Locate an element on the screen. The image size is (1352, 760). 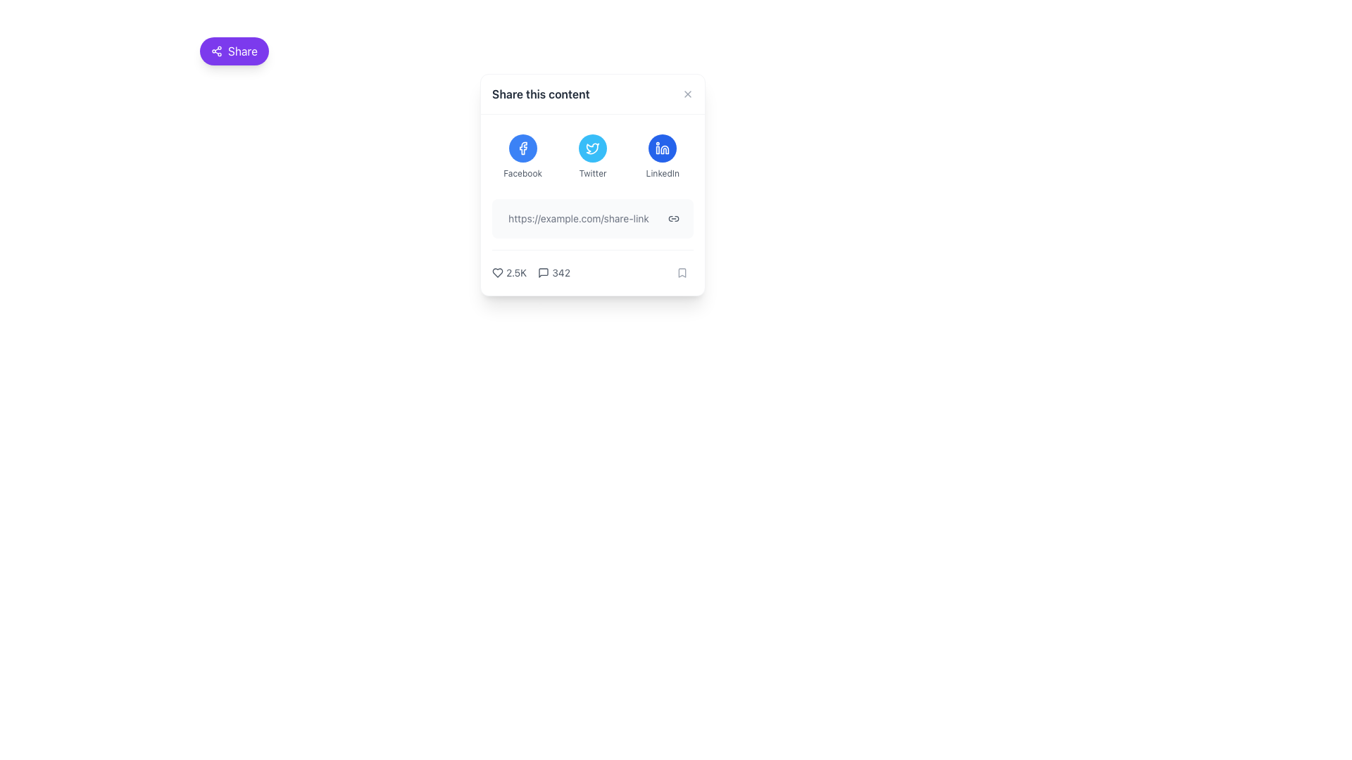
the circular blue Twitter button with the Twitter bird logo to trigger the scaling animation is located at coordinates (592, 157).